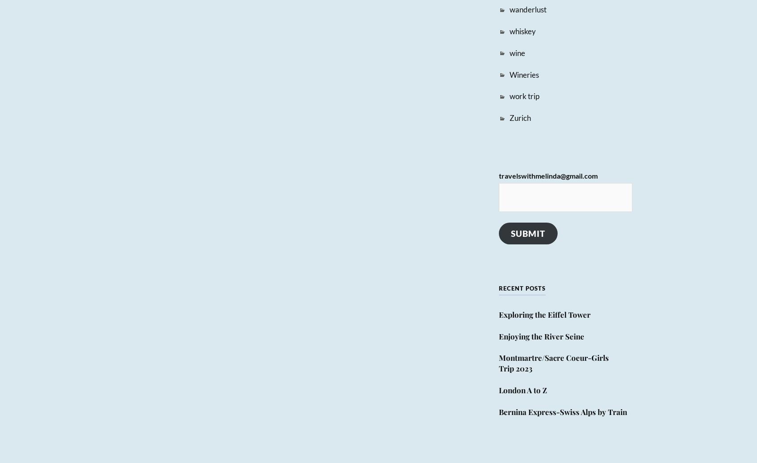 Image resolution: width=757 pixels, height=463 pixels. Describe the element at coordinates (498, 313) in the screenshot. I see `'Exploring the Eiffel Tower'` at that location.